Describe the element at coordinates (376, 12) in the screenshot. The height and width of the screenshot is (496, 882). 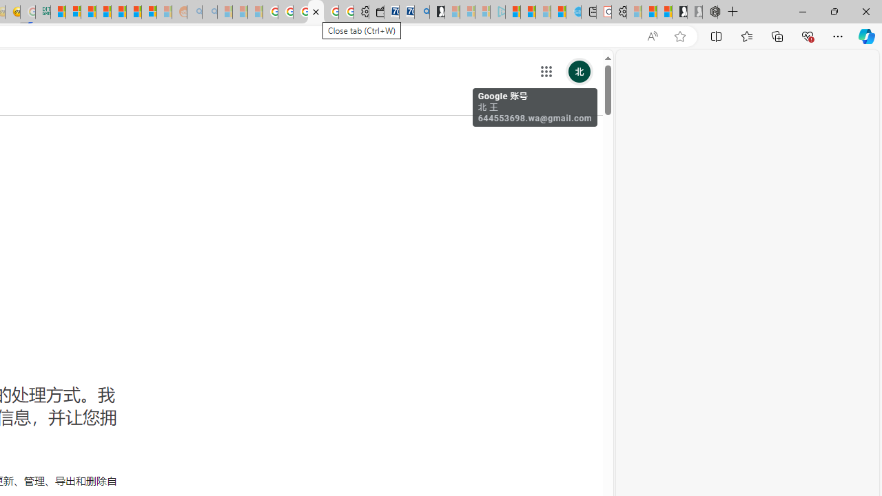
I see `'Wallet'` at that location.